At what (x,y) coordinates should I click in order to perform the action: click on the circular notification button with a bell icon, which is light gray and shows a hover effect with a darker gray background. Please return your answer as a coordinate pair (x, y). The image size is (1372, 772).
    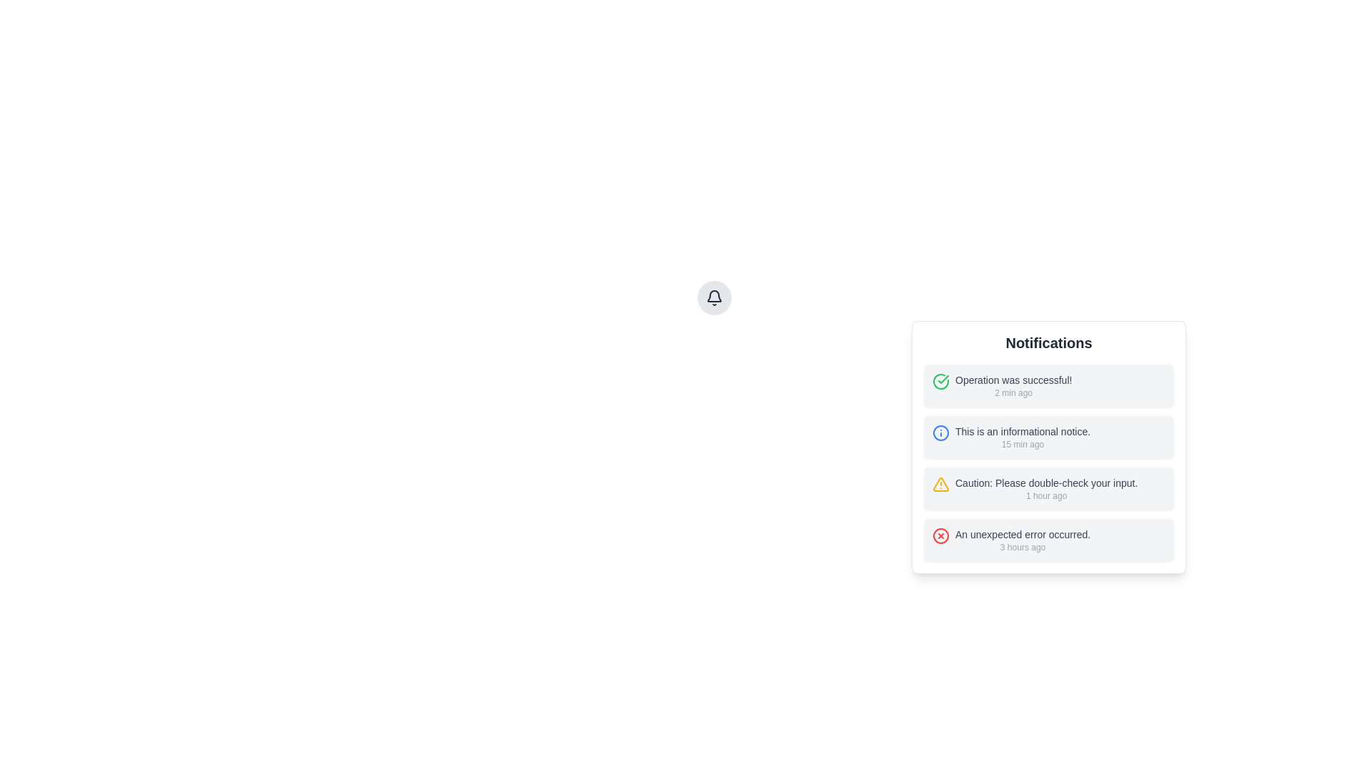
    Looking at the image, I should click on (714, 297).